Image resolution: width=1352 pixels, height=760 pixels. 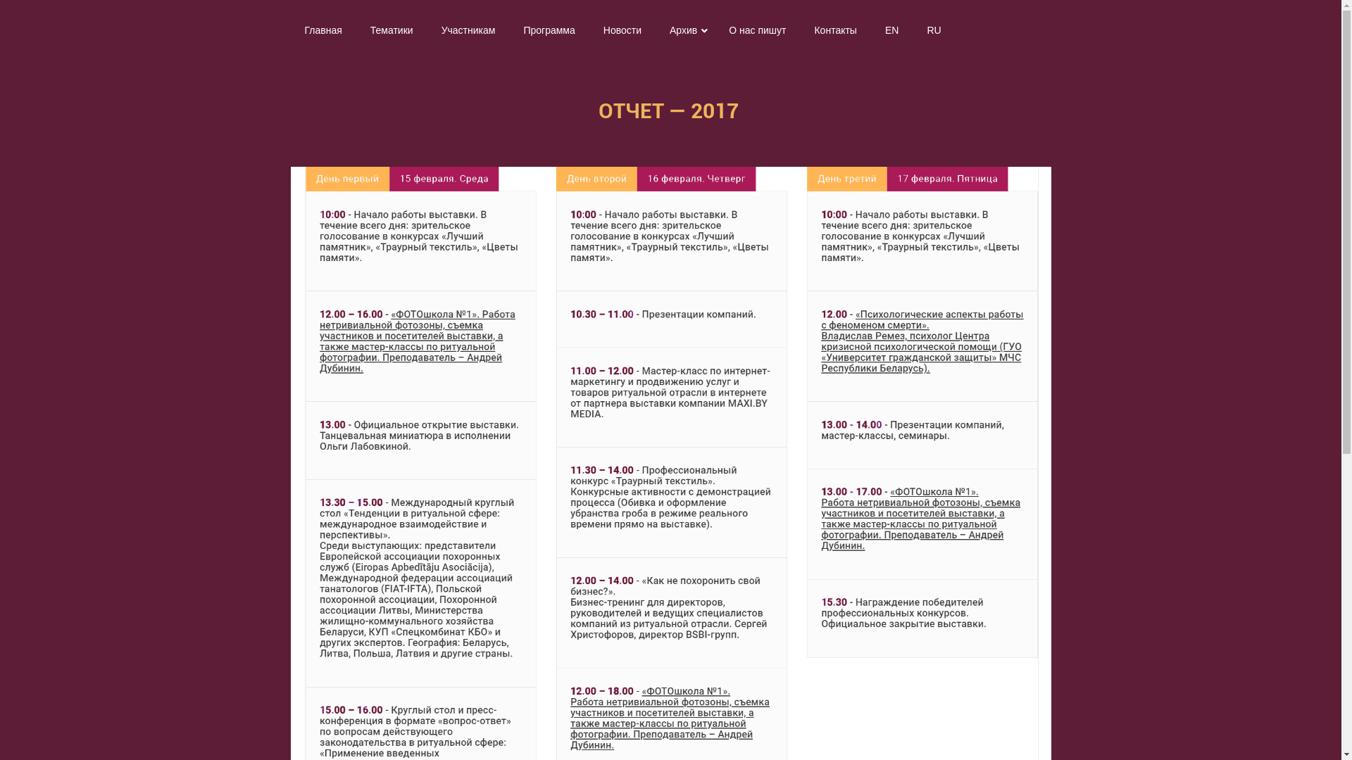 I want to click on 'EN', so click(x=870, y=30).